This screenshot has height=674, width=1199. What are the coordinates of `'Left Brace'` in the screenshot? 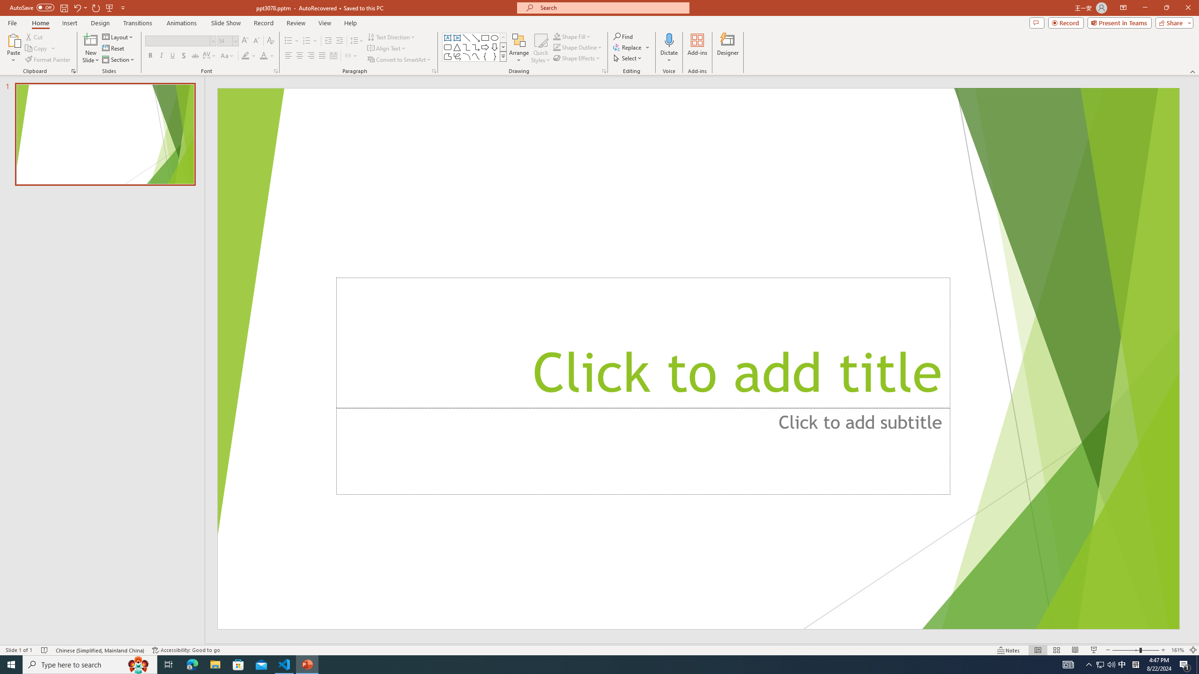 It's located at (485, 56).